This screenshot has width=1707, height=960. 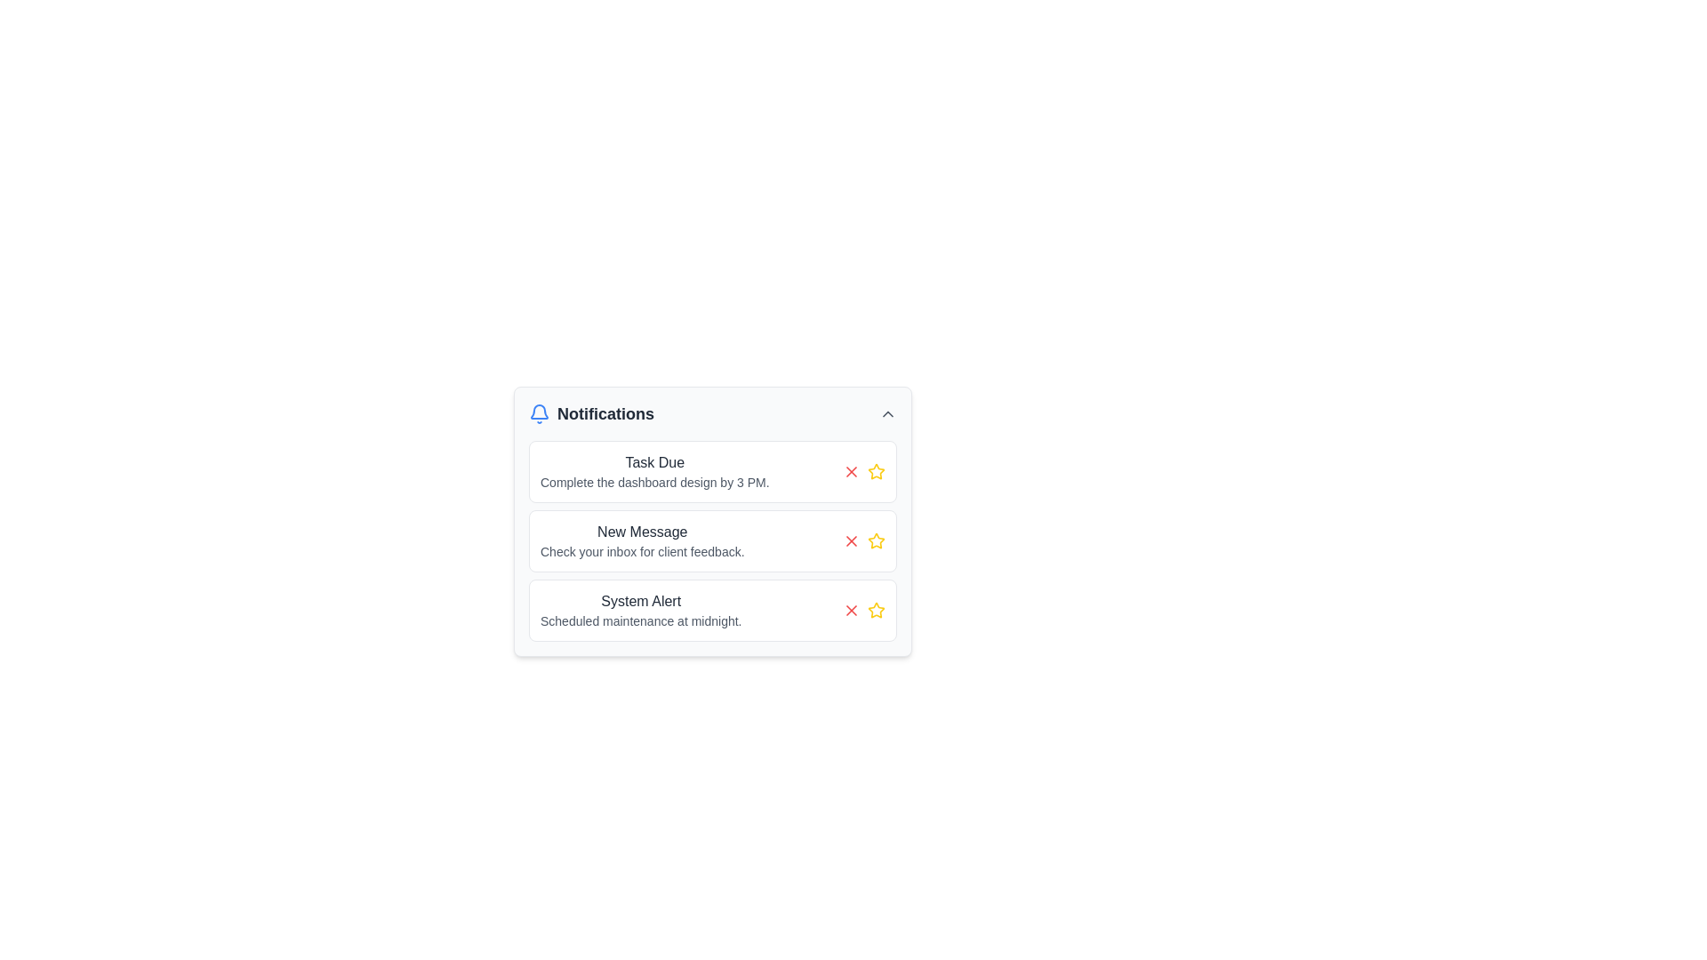 What do you see at coordinates (640, 601) in the screenshot?
I see `the 'System Alert' text label located at the top of the third notification card for possible interaction` at bounding box center [640, 601].